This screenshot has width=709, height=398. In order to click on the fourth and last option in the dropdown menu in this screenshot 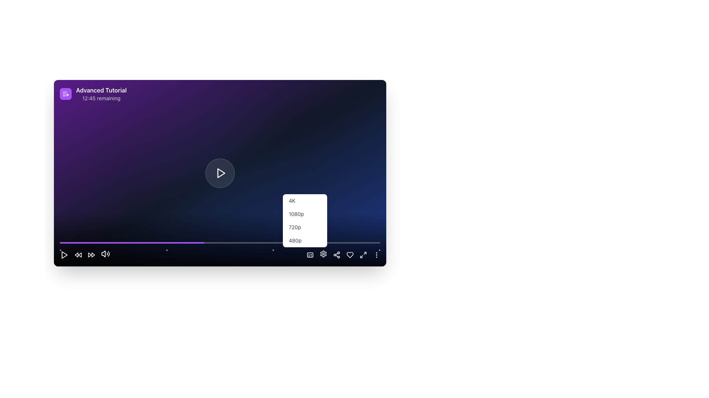, I will do `click(305, 240)`.